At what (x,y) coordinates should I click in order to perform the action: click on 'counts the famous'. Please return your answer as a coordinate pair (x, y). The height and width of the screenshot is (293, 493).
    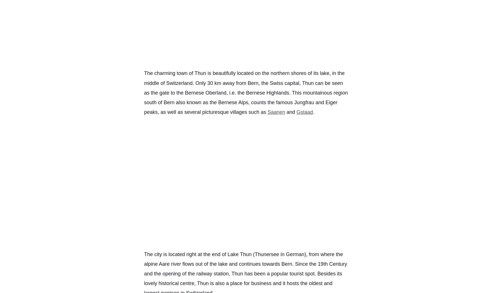
    Looking at the image, I should click on (271, 102).